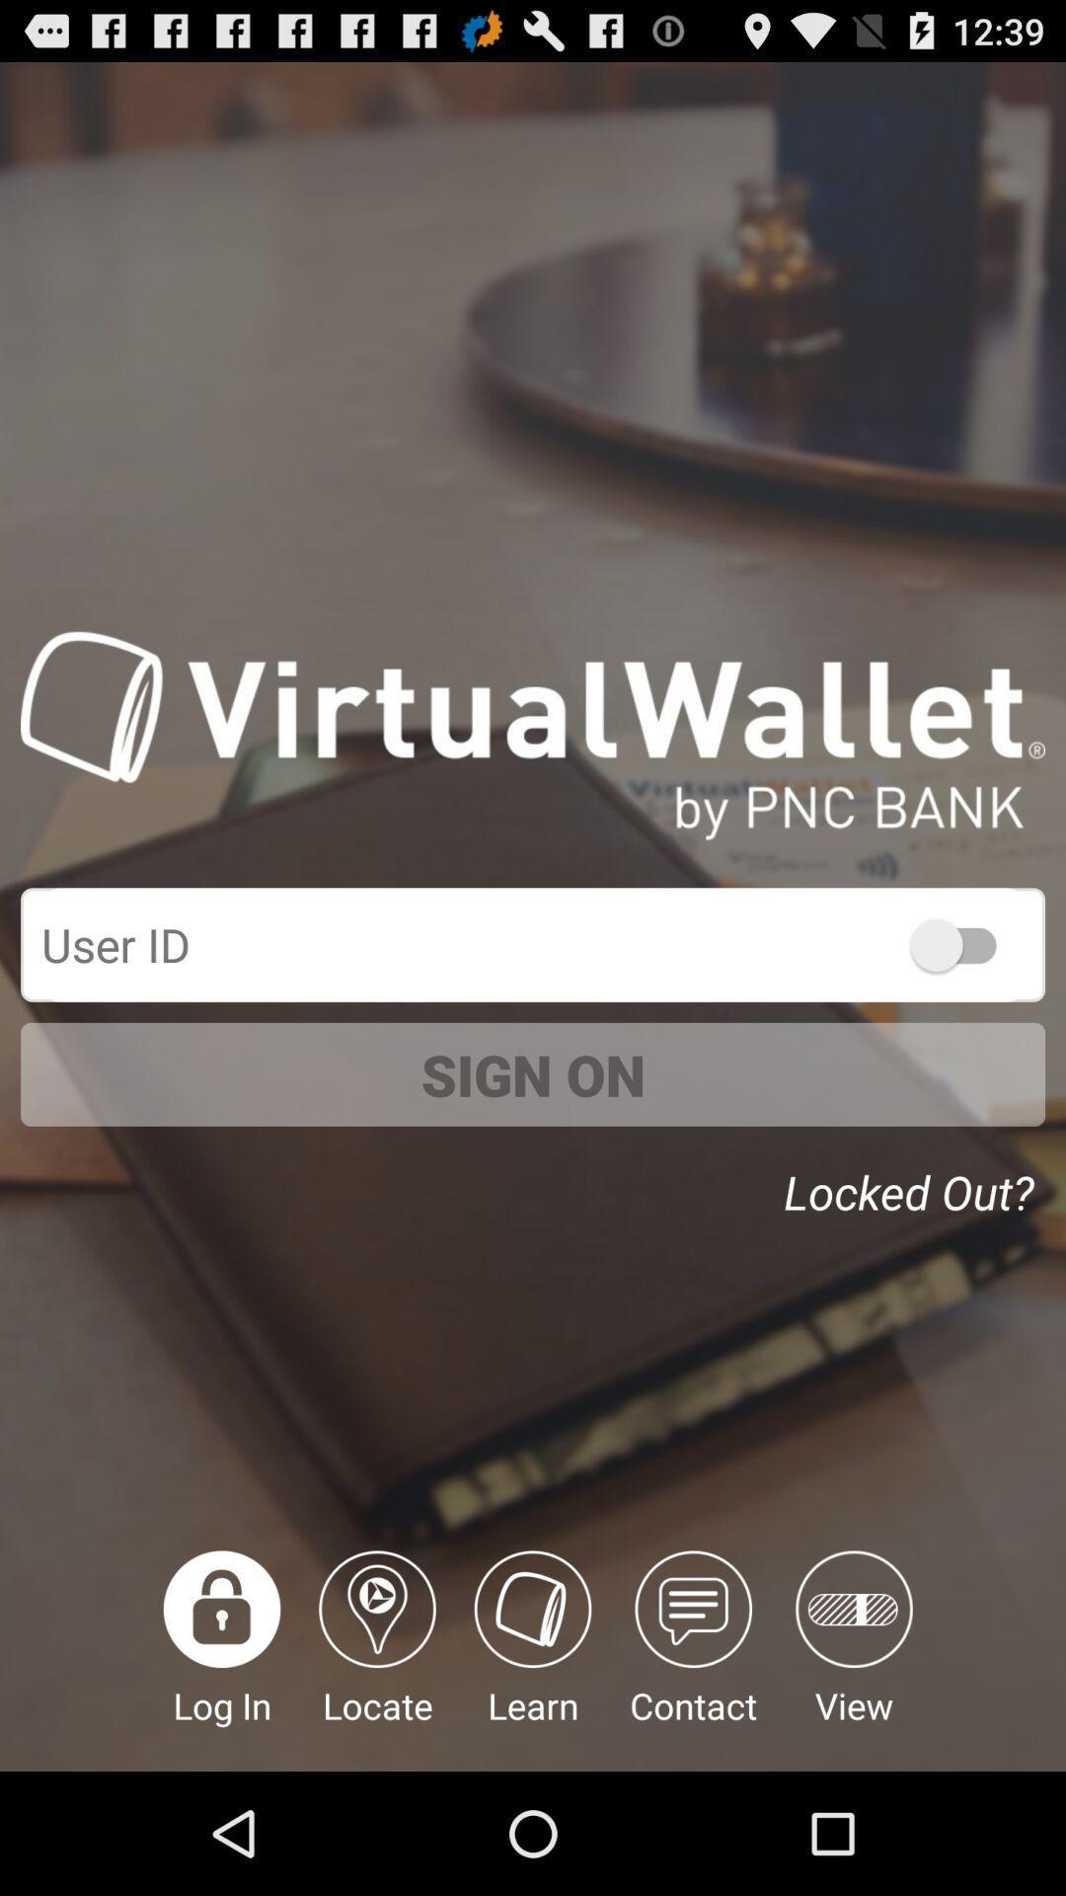 The height and width of the screenshot is (1896, 1066). Describe the element at coordinates (533, 1660) in the screenshot. I see `learn` at that location.